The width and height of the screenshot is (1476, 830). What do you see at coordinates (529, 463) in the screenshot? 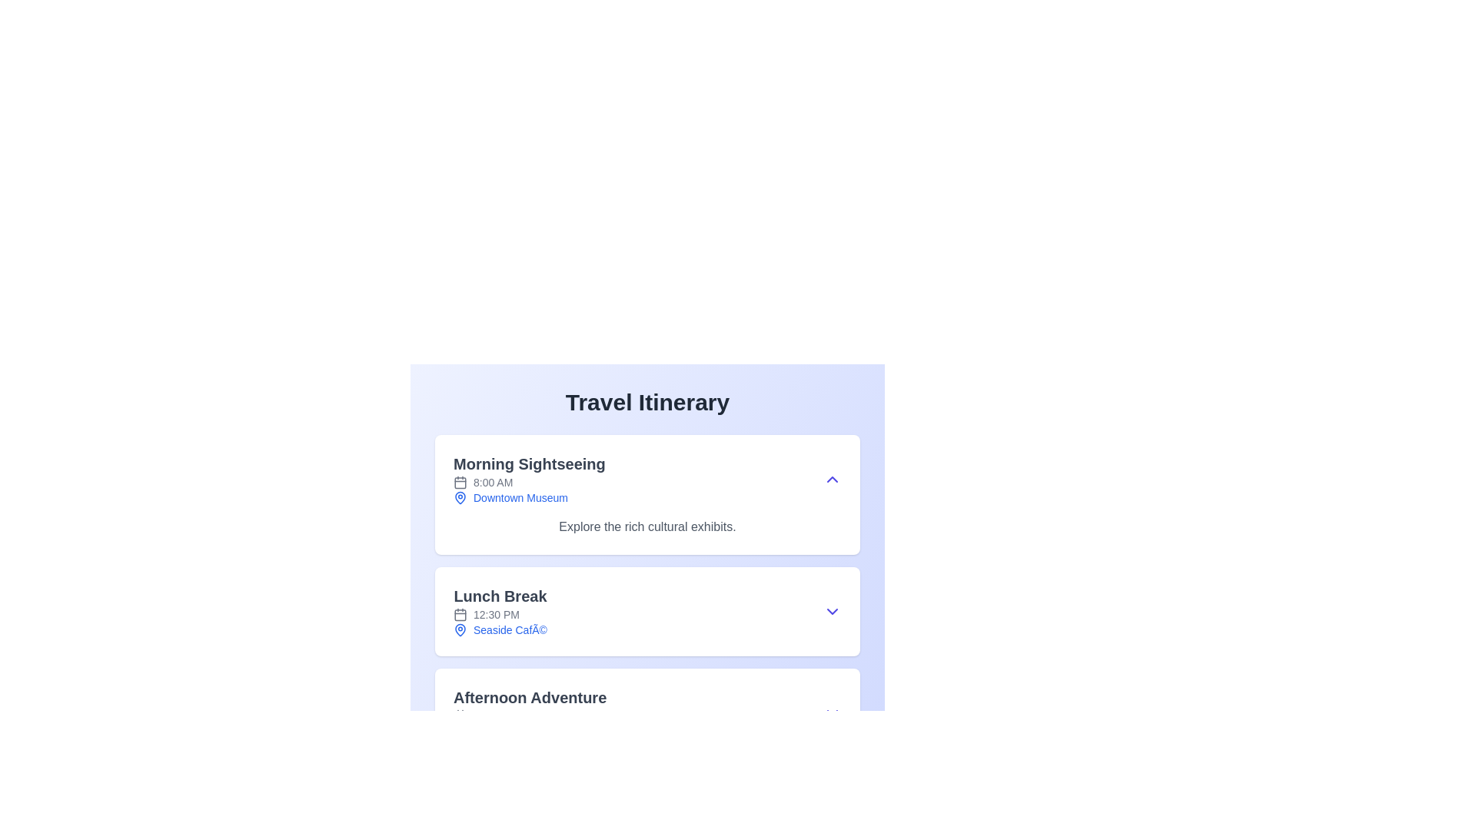
I see `the 'Morning Sightseeing' text label at the top of the itinerary card to understand the context of the card` at bounding box center [529, 463].